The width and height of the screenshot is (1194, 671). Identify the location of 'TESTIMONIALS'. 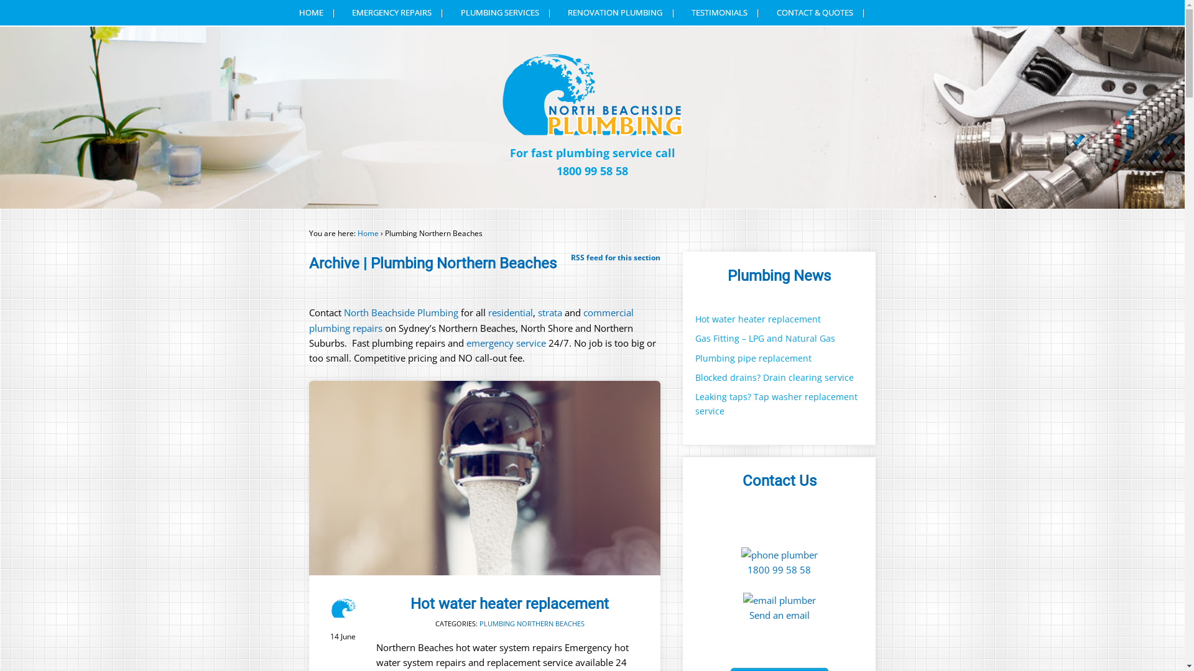
(726, 12).